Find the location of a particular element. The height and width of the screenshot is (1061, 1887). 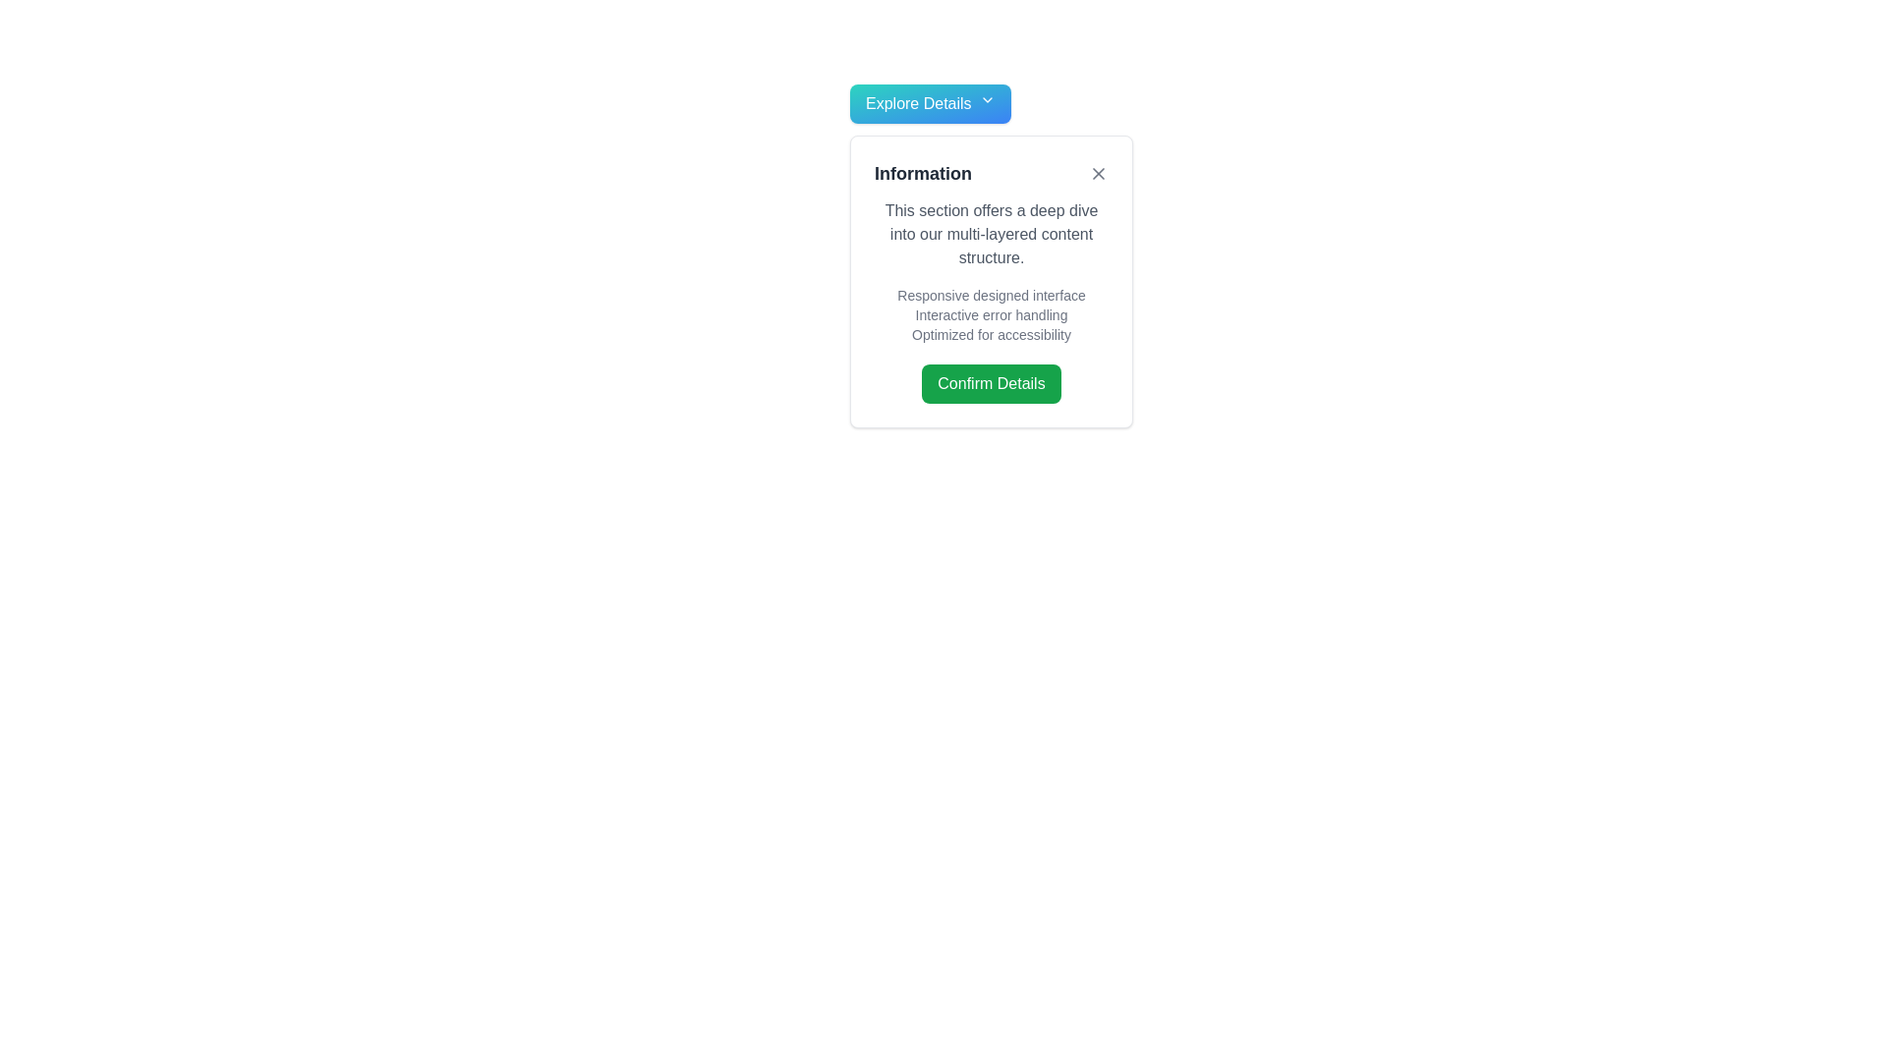

the static text label displaying 'Responsive designed interface' is located at coordinates (991, 295).